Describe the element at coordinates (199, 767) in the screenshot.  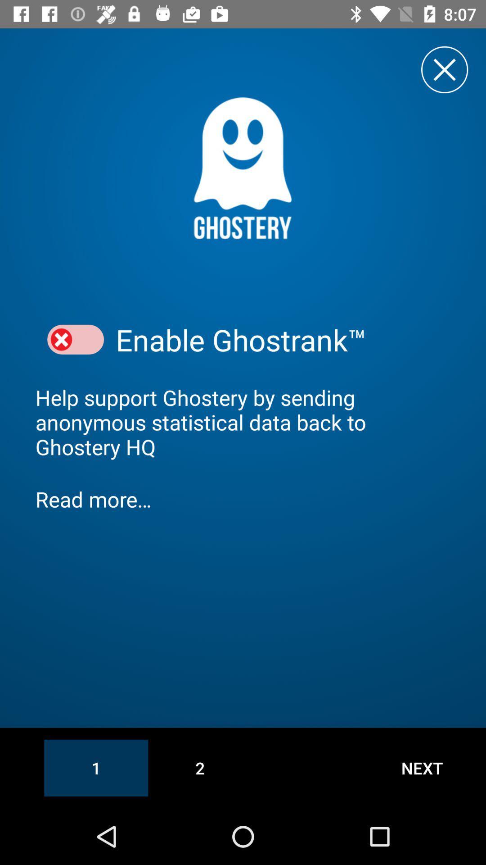
I see `the icon next to the next` at that location.